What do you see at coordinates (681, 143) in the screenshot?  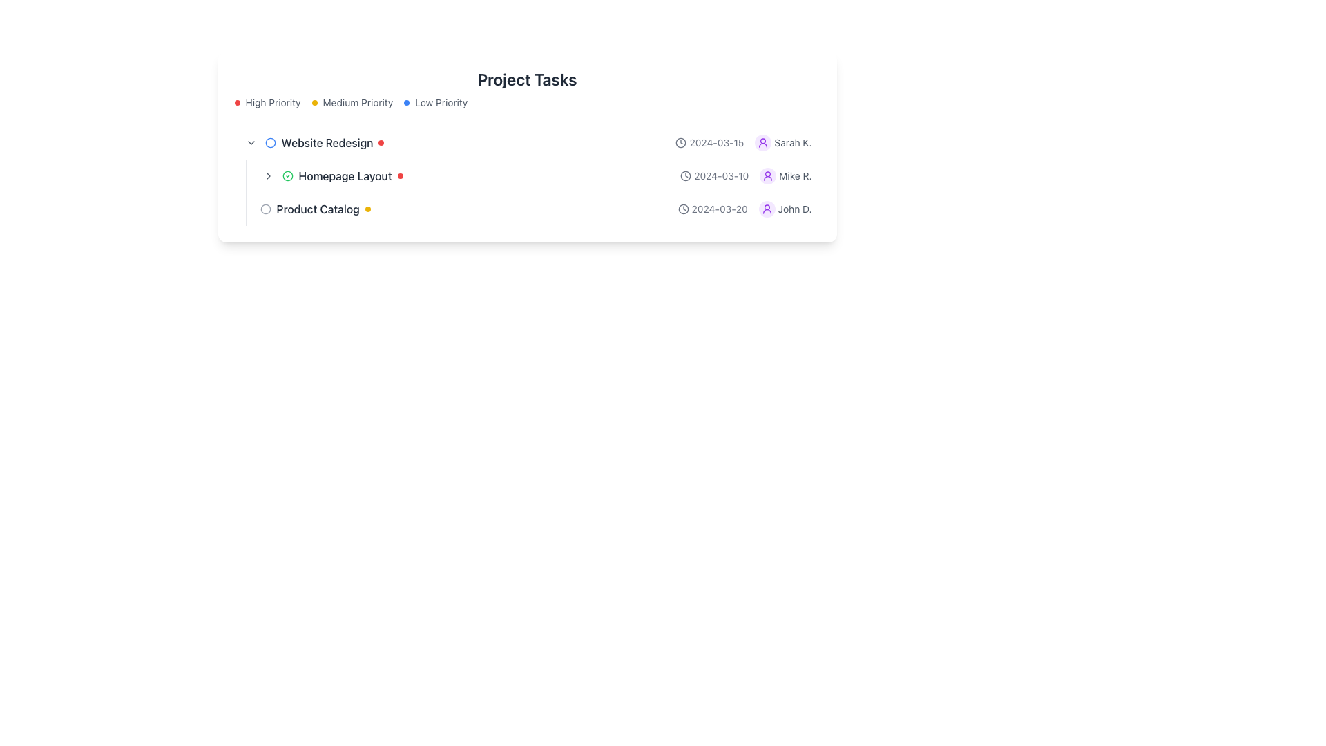 I see `the details of the clock icon located to the left of the date '2024-03-15' under the 'Project Tasks' section` at bounding box center [681, 143].